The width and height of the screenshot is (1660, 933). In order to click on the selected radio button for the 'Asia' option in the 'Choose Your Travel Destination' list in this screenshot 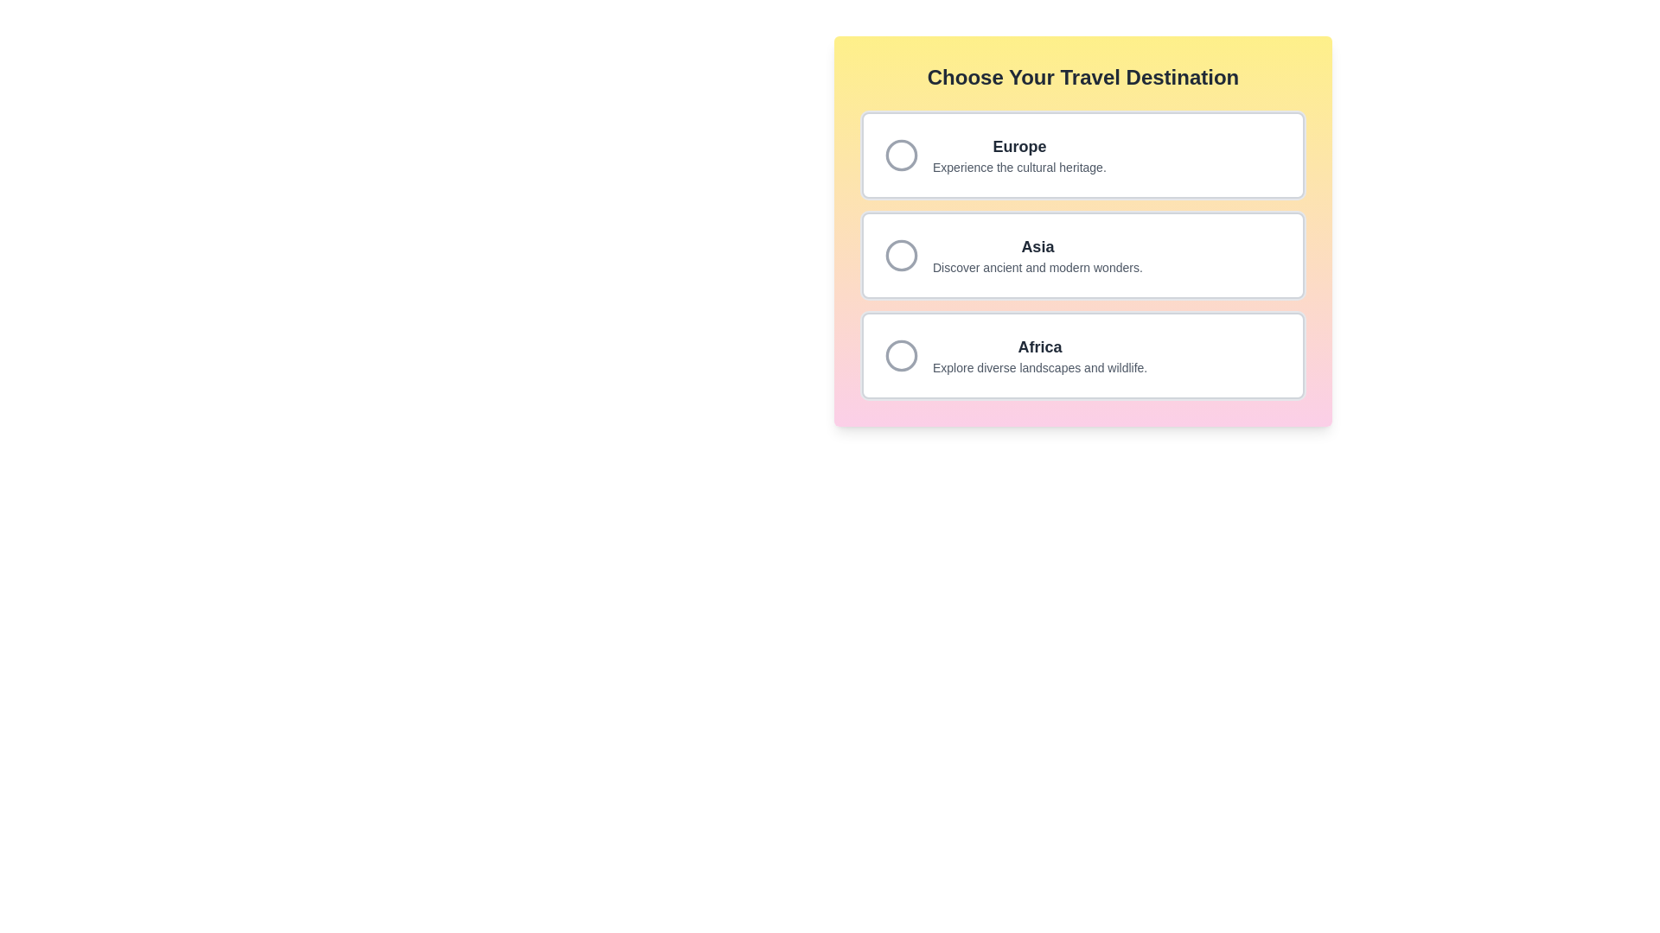, I will do `click(900, 256)`.